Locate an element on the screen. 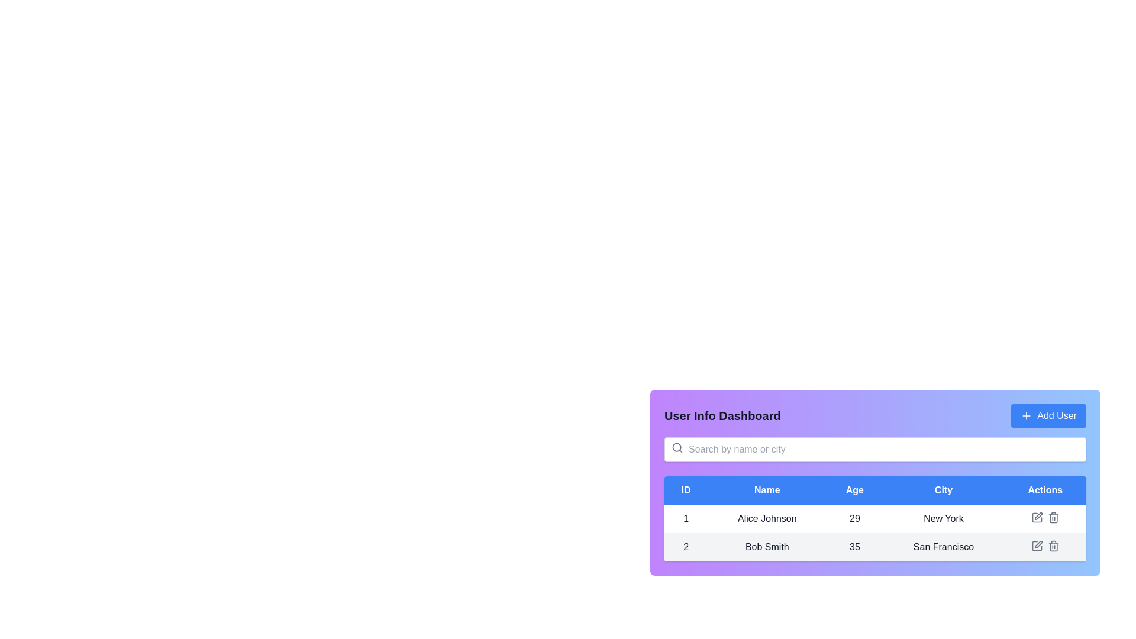 This screenshot has height=639, width=1136. the edit icon button located in the 'Actions' column of the second row corresponding to the user 'Bob Smith' is located at coordinates (1038, 544).